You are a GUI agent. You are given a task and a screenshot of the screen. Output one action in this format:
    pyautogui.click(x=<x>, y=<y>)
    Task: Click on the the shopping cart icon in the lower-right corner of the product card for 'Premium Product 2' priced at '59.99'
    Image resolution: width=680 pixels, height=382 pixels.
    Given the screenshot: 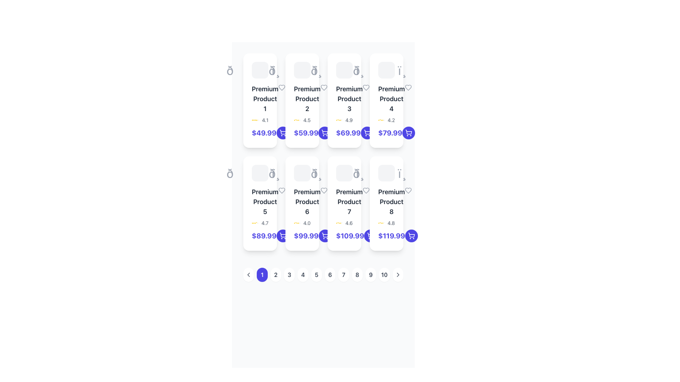 What is the action you would take?
    pyautogui.click(x=282, y=133)
    